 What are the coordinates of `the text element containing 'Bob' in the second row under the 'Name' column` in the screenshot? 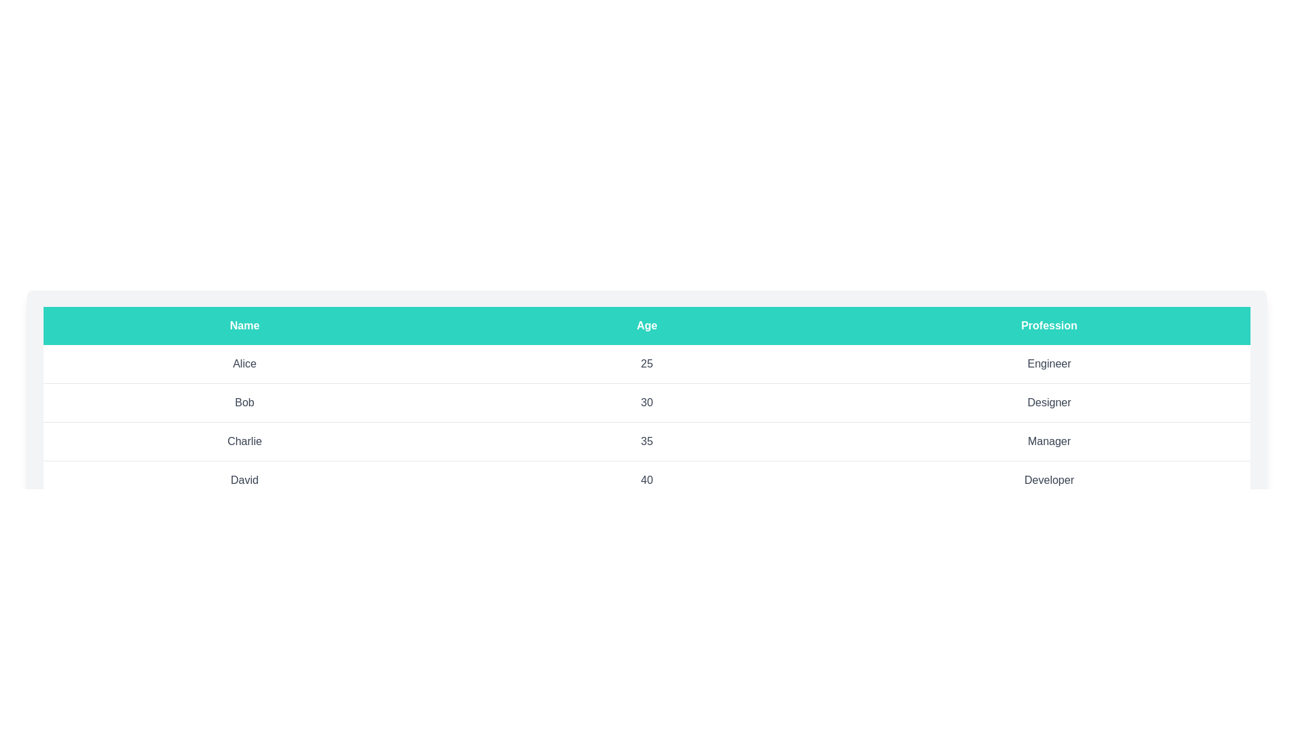 It's located at (244, 402).